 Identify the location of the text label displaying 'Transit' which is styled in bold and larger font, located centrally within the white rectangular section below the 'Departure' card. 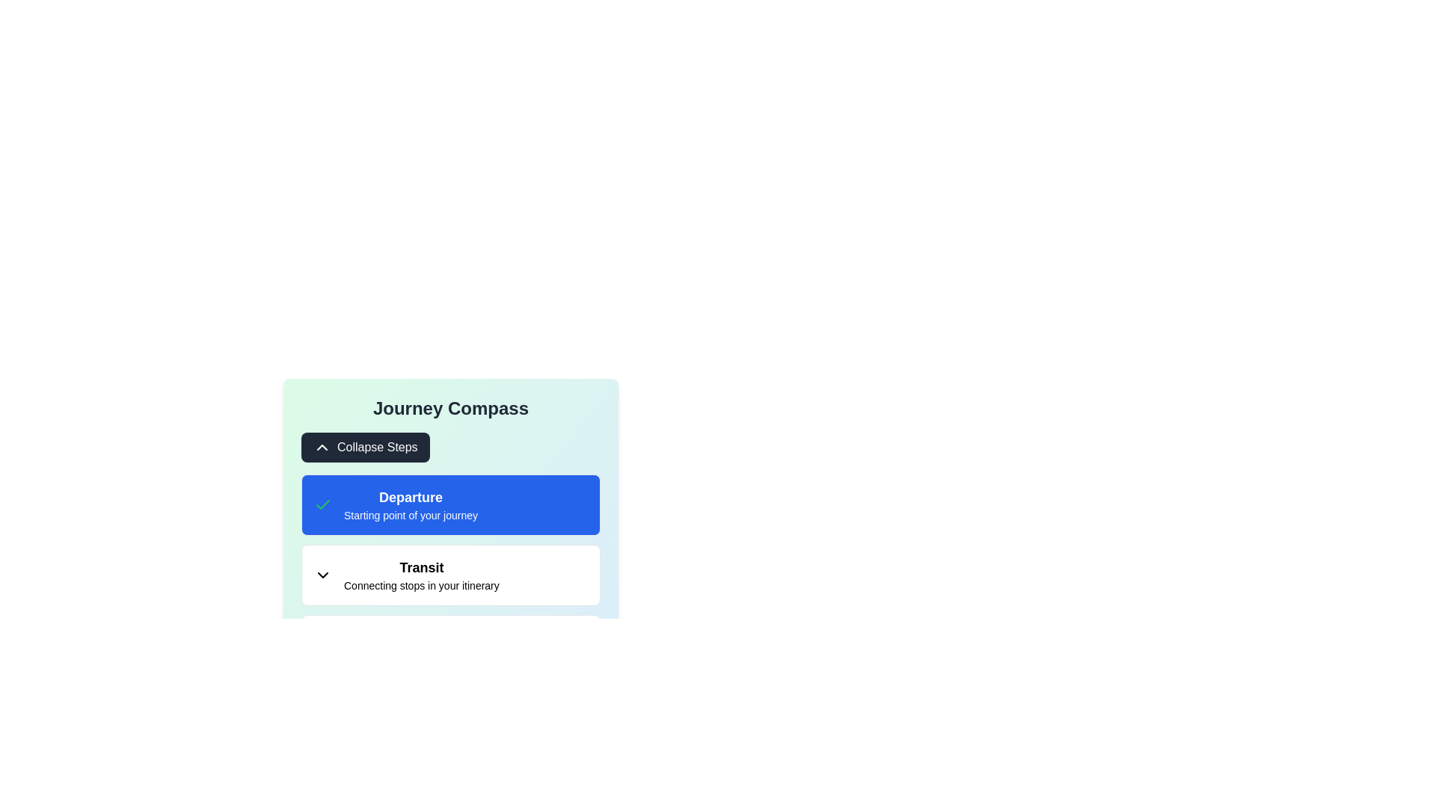
(420, 567).